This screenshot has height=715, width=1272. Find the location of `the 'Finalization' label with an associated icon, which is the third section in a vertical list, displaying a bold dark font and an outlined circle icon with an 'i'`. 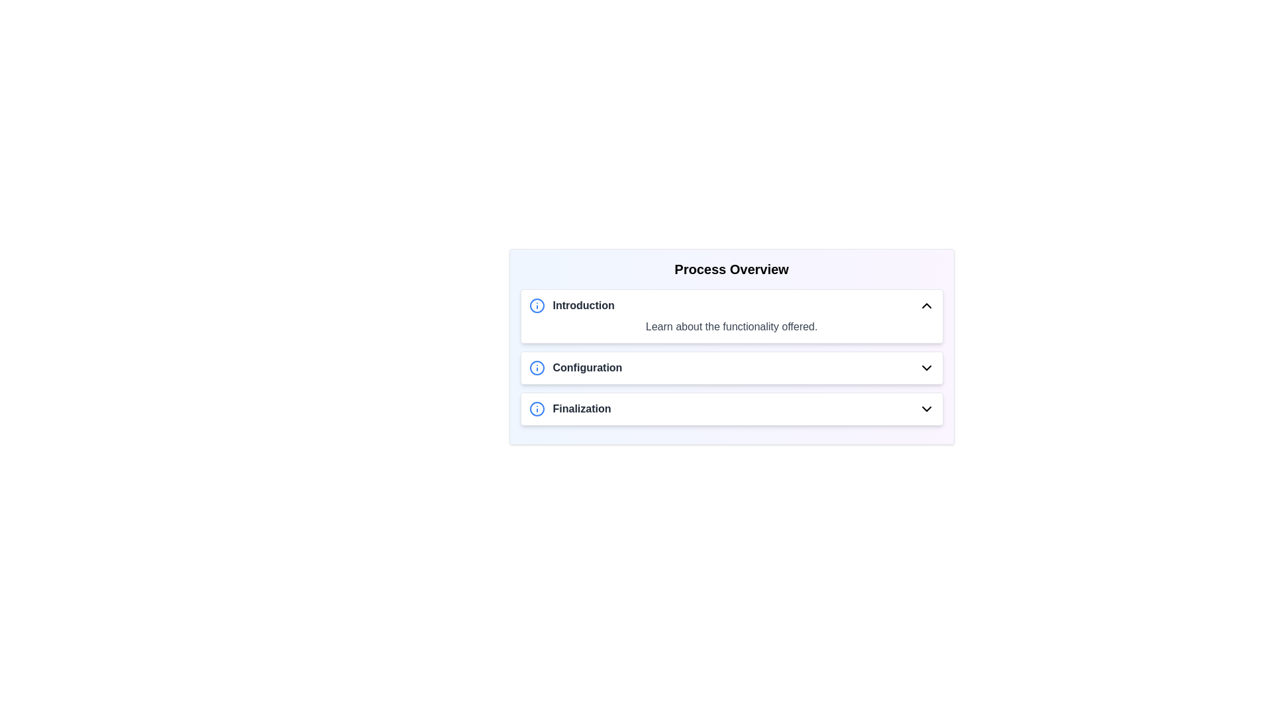

the 'Finalization' label with an associated icon, which is the third section in a vertical list, displaying a bold dark font and an outlined circle icon with an 'i' is located at coordinates (570, 408).